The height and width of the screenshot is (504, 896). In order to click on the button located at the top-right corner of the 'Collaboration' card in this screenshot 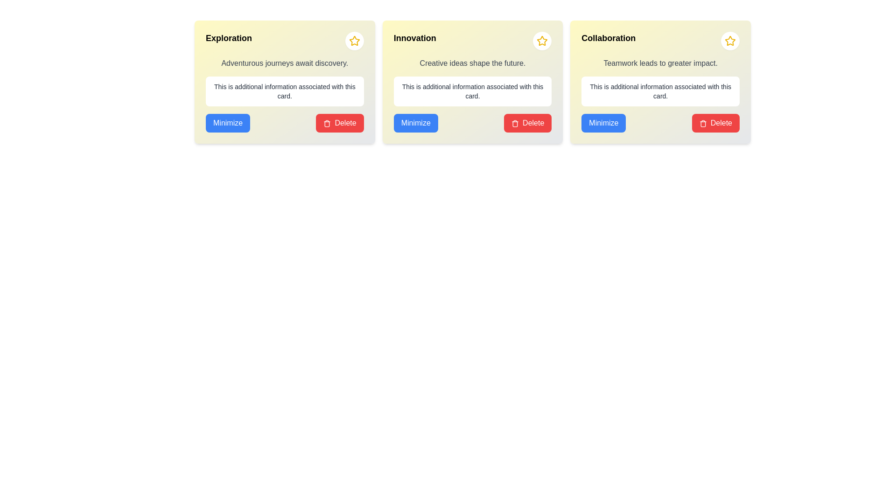, I will do `click(729, 41)`.